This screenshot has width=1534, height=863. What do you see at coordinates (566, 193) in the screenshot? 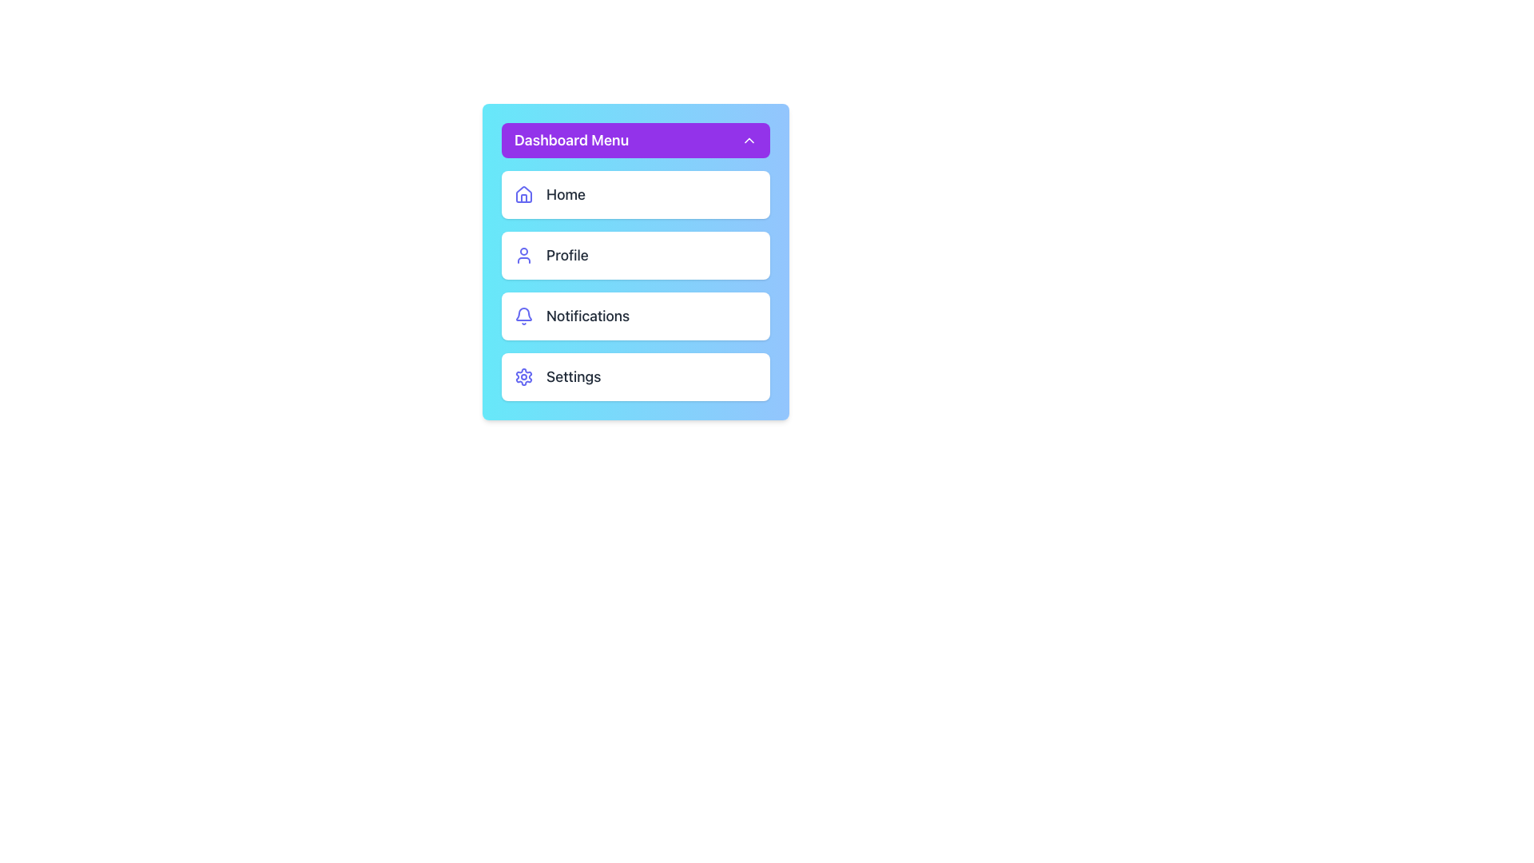
I see `the text label displaying 'Home', which is styled with a gray font color and medium weight, positioned to the right of a house icon in the 'Dashboard Menu'` at bounding box center [566, 193].